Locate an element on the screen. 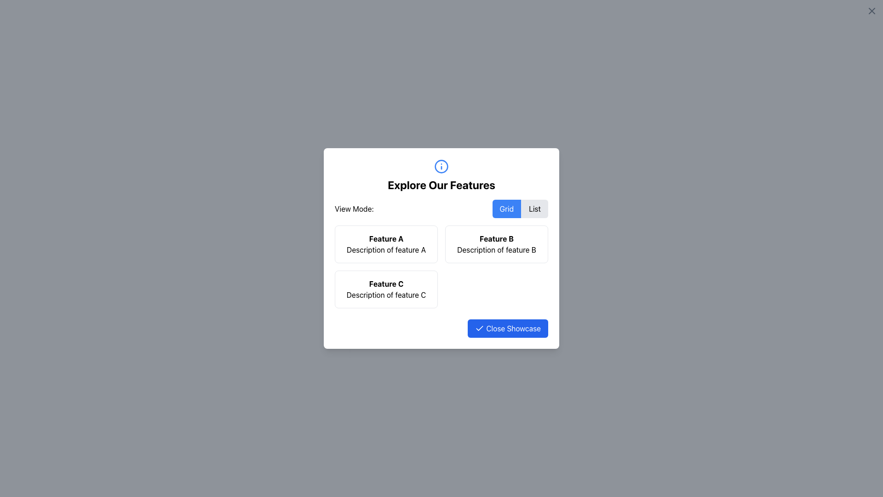 Image resolution: width=883 pixels, height=497 pixels. the 'Grid' view mode button located beneath the 'Explore Our Features' header is located at coordinates (506, 209).